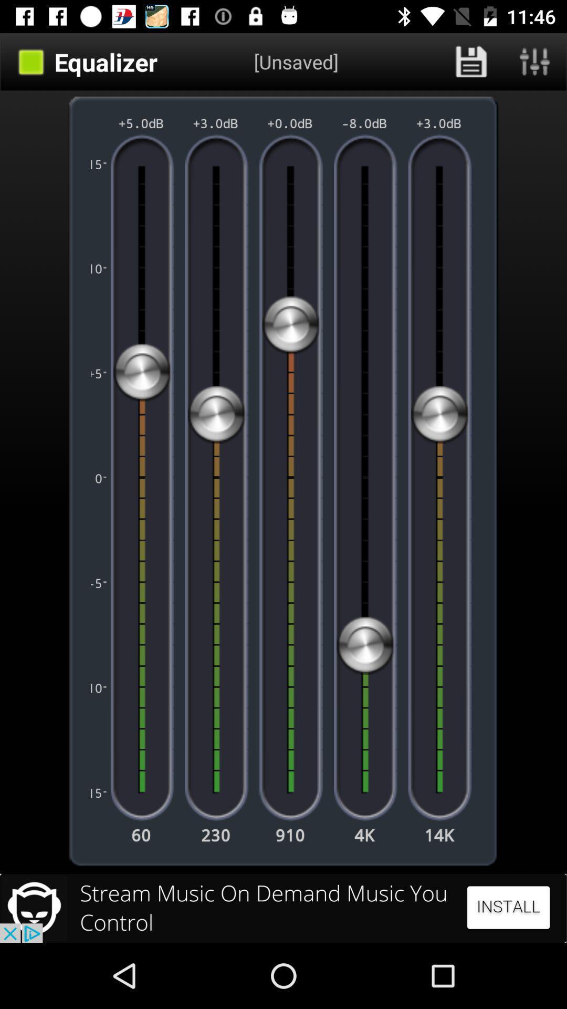  I want to click on the save icon, so click(471, 61).